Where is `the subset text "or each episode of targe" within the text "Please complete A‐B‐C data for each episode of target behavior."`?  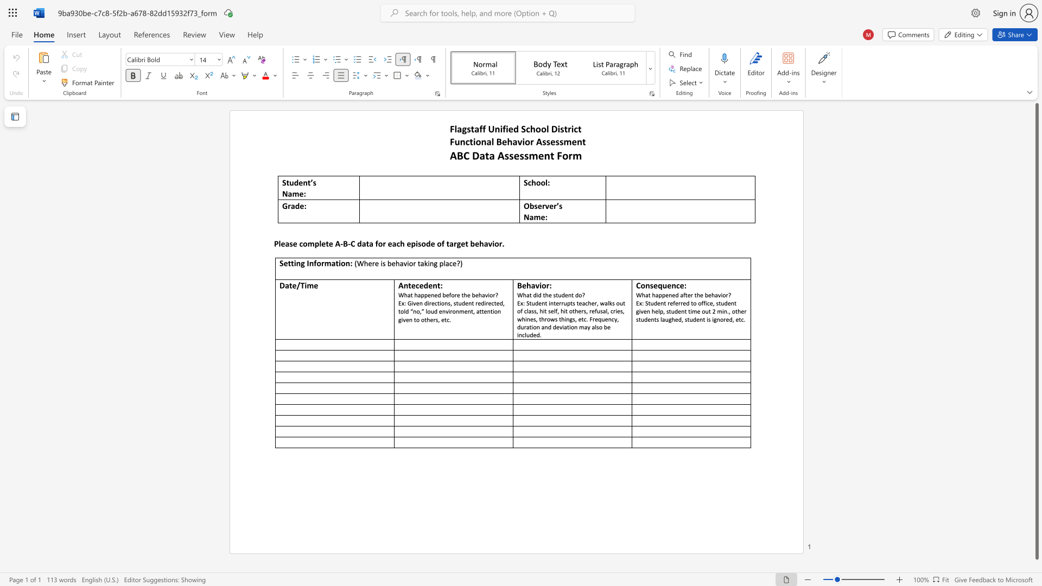
the subset text "or each episode of targe" within the text "Please complete A‐B‐C data for each episode of target behavior." is located at coordinates (378, 243).